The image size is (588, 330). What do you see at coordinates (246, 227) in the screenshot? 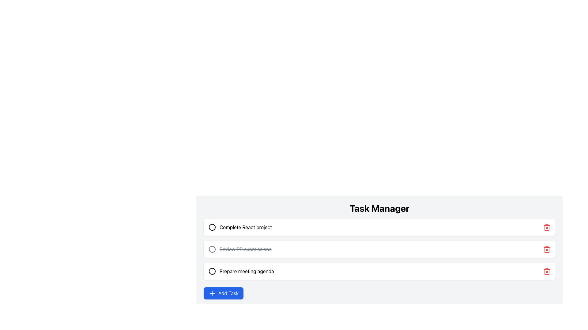
I see `and copy the text from the label stating 'Complete React project', which is the first task entry in the task manager interface` at bounding box center [246, 227].